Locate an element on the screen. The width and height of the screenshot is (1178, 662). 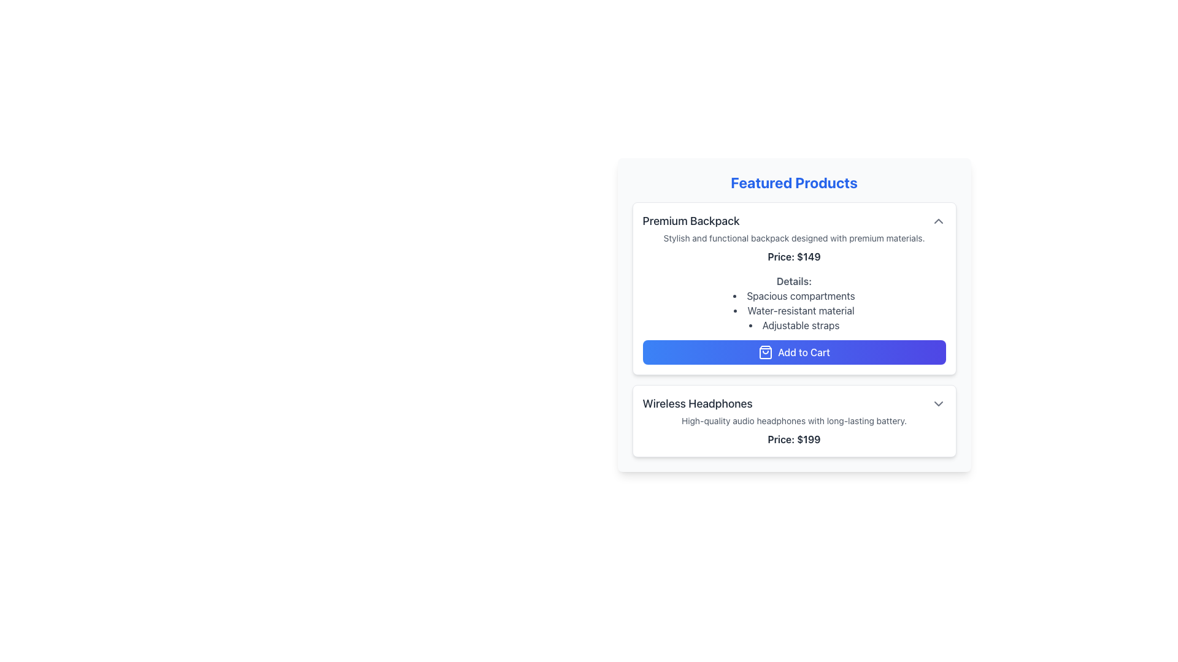
the dropdown toggle button, which is a gray outlined downward-facing chevron icon located on the far right of the Wireless Headphones section header is located at coordinates (937, 404).